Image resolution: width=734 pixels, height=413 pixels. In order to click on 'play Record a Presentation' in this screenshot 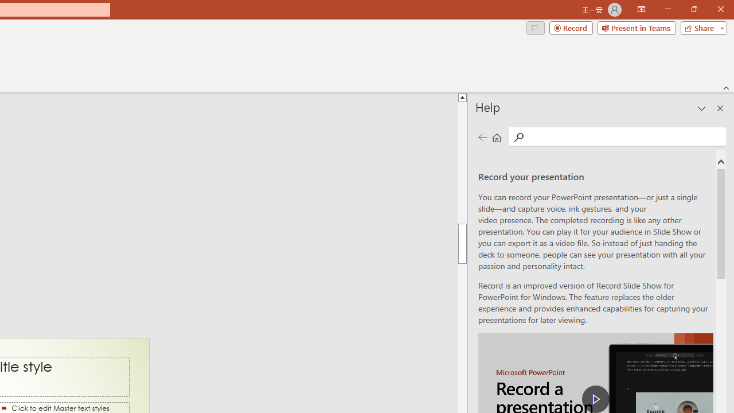, I will do `click(595, 398)`.